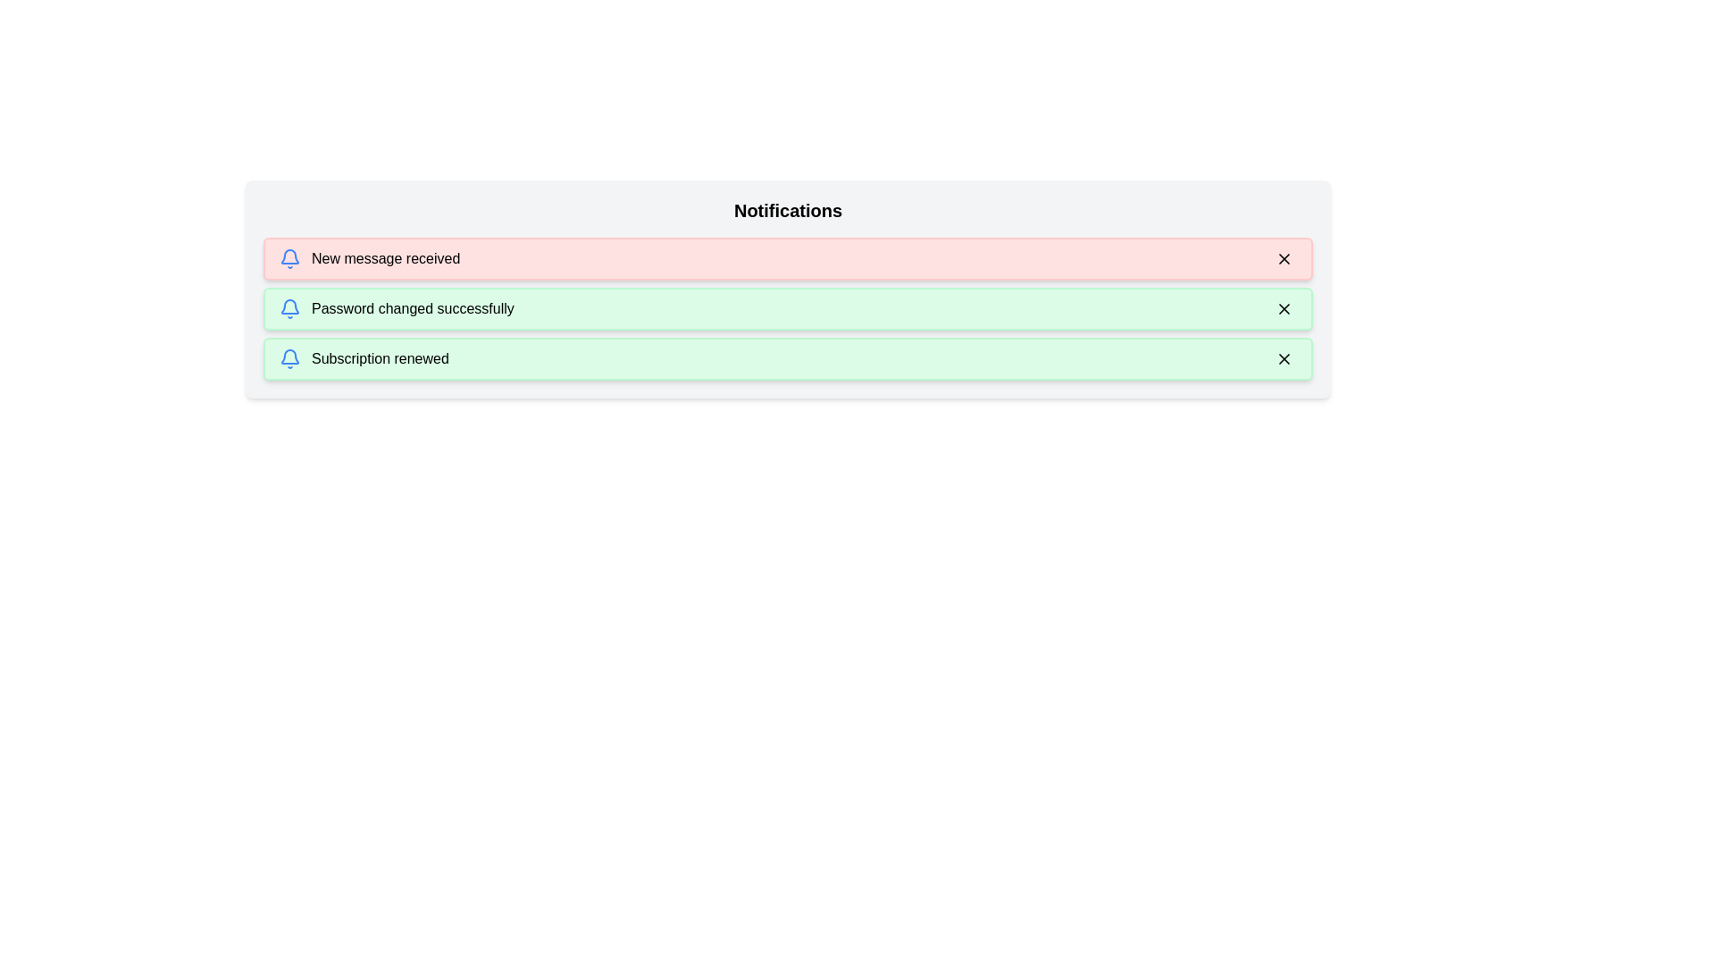 Image resolution: width=1715 pixels, height=965 pixels. I want to click on the bell icon with a blue border located in the second row of the notification list for additional actions, so click(290, 308).